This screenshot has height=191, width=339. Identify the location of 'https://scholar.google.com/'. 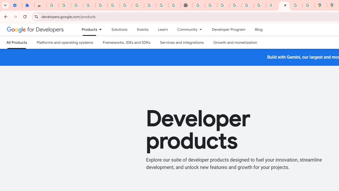
(199, 5).